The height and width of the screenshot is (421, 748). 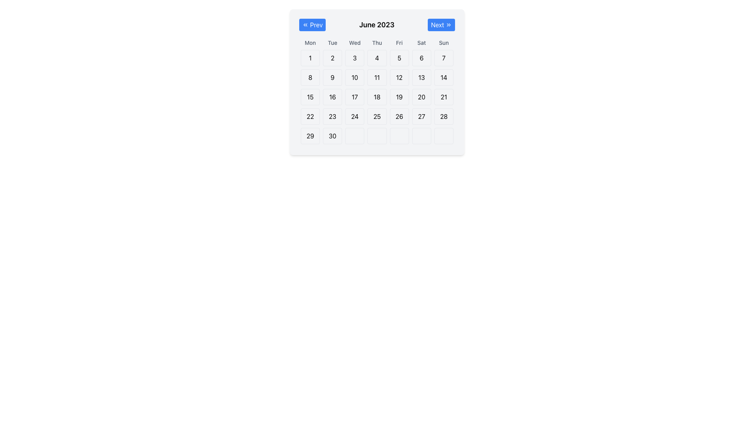 I want to click on the buttons in the third row of date squares in the June 2023 calendar, so click(x=377, y=97).